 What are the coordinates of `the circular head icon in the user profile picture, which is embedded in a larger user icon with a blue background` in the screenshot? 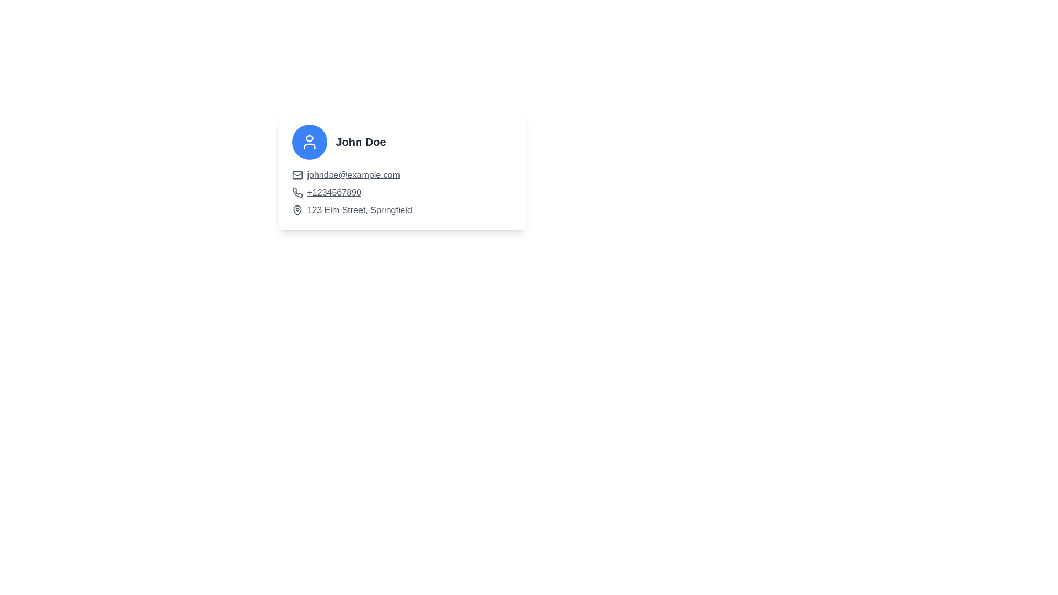 It's located at (309, 138).